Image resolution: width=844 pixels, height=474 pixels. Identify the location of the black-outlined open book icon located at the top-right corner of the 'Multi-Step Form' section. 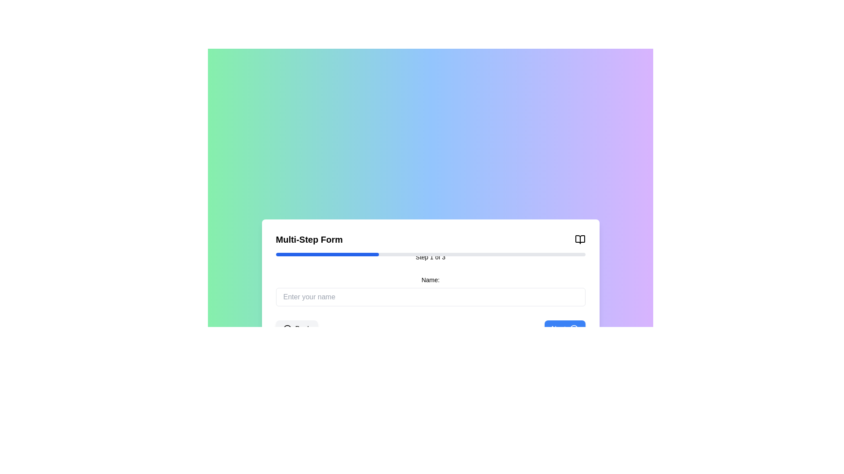
(580, 240).